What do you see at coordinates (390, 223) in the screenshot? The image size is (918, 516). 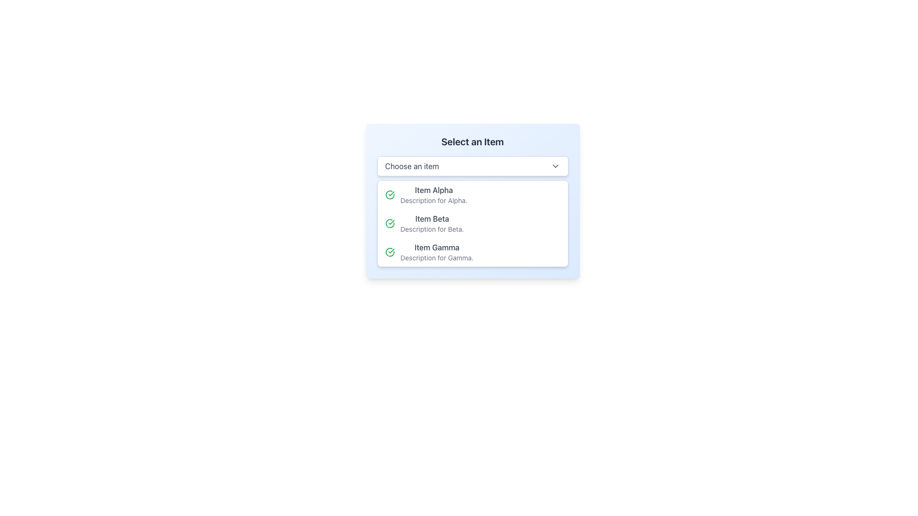 I see `the circular green check icon located to the left of the 'Item Beta' text in the list item` at bounding box center [390, 223].